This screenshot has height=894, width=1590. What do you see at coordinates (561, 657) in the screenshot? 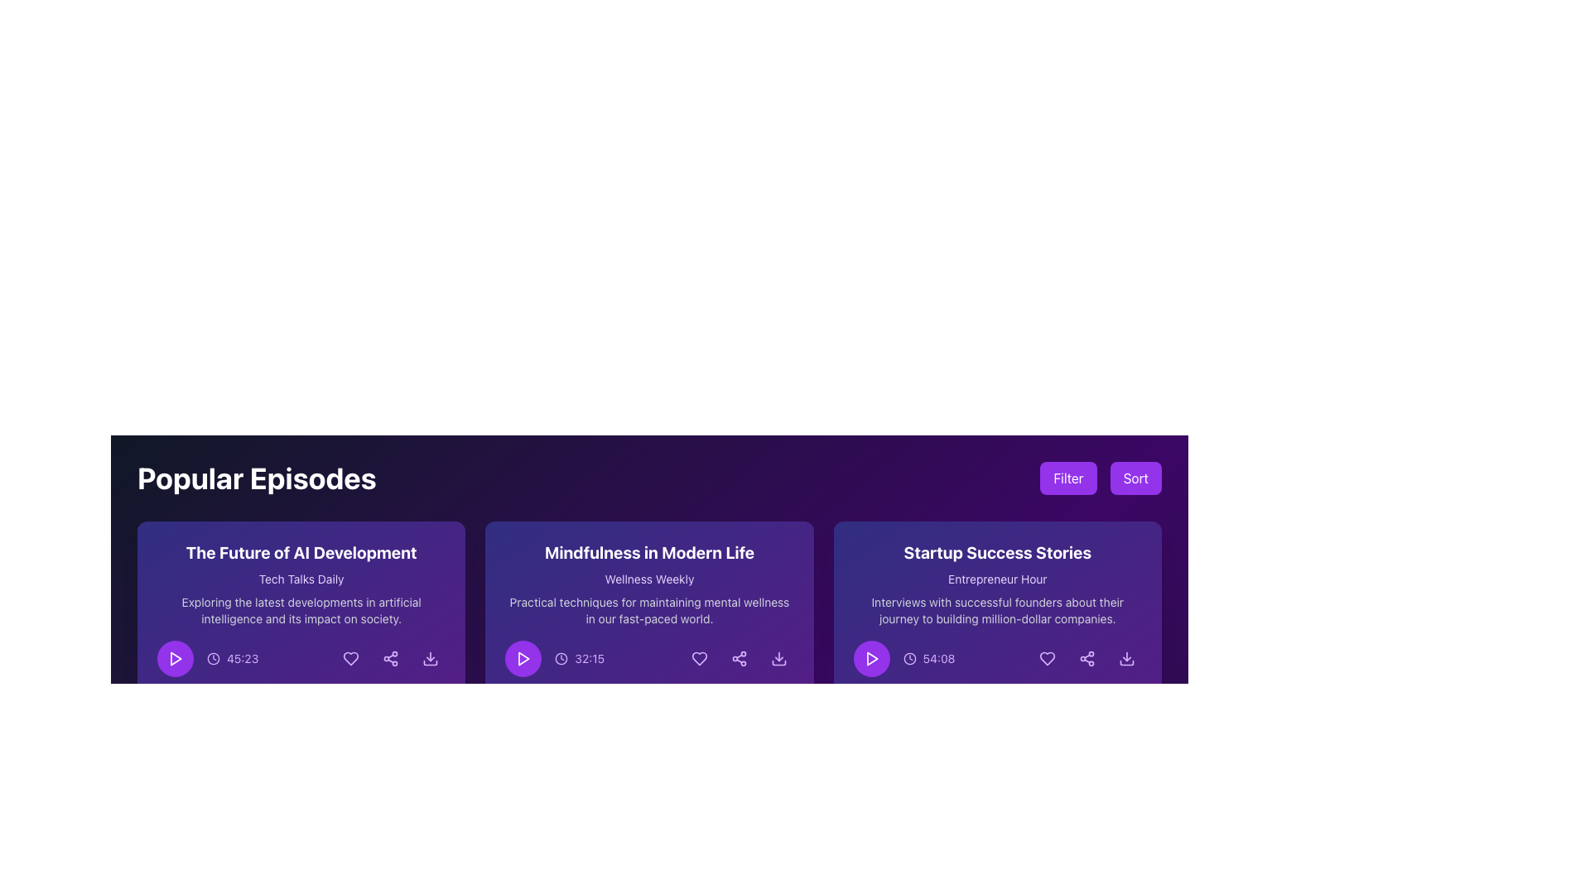
I see `the circular vector graphic that represents the dial of the clock icon located in the lower section of the 'Mindfulness in Modern Life' card` at bounding box center [561, 657].